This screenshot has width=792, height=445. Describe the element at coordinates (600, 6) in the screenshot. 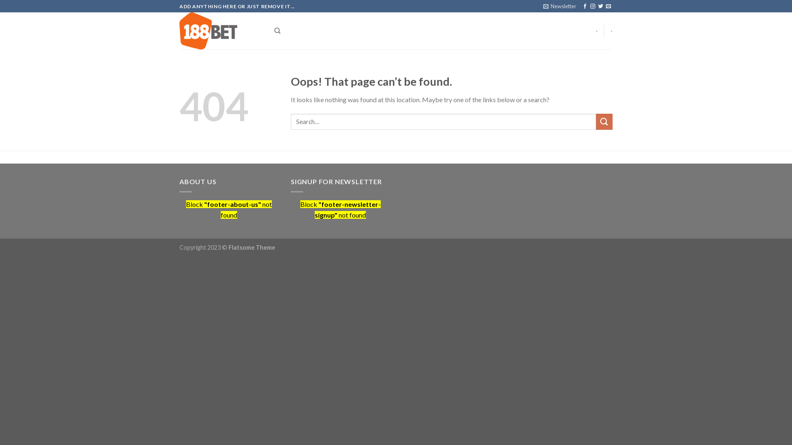

I see `'Follow on Twitter'` at that location.